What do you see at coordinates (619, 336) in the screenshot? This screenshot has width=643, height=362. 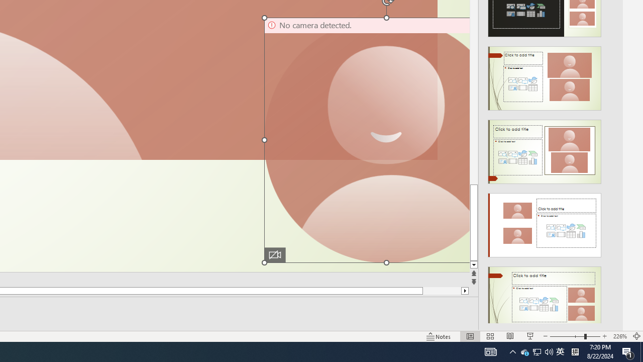 I see `'Zoom 226%'` at bounding box center [619, 336].